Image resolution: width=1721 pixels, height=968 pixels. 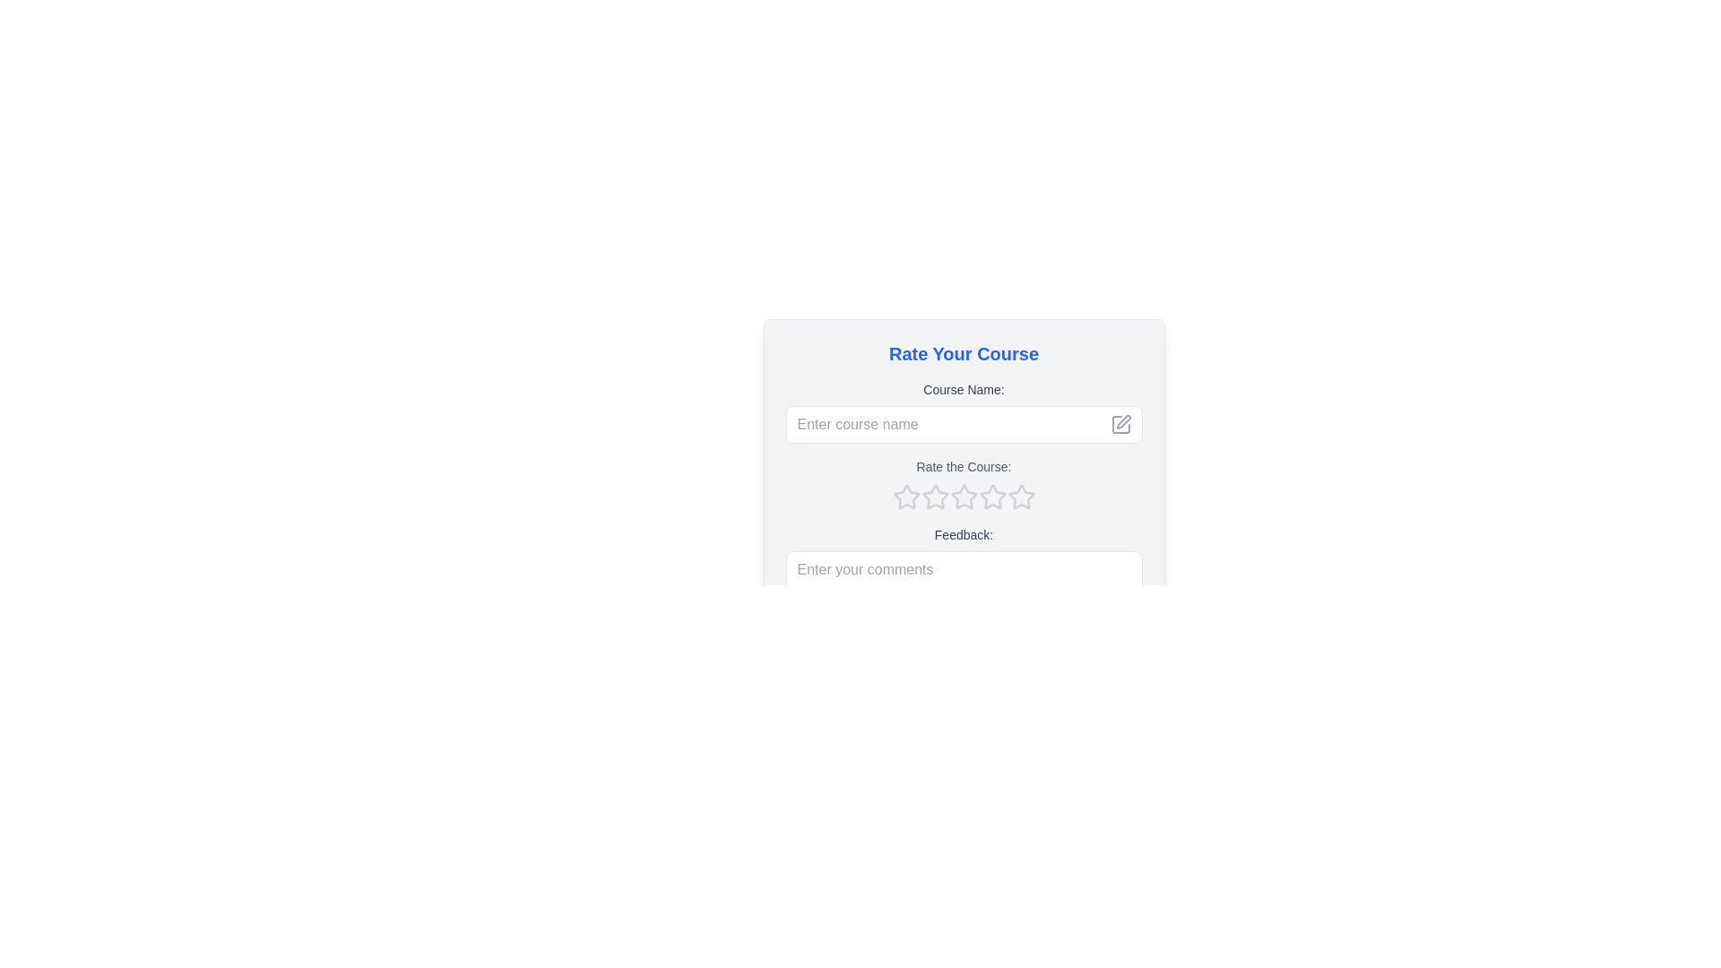 What do you see at coordinates (963, 465) in the screenshot?
I see `the instructional label guiding the user to rate the course, located in the upper-middle section of the 'Rate Your Course' panel, directly below the 'Course Name:' label` at bounding box center [963, 465].